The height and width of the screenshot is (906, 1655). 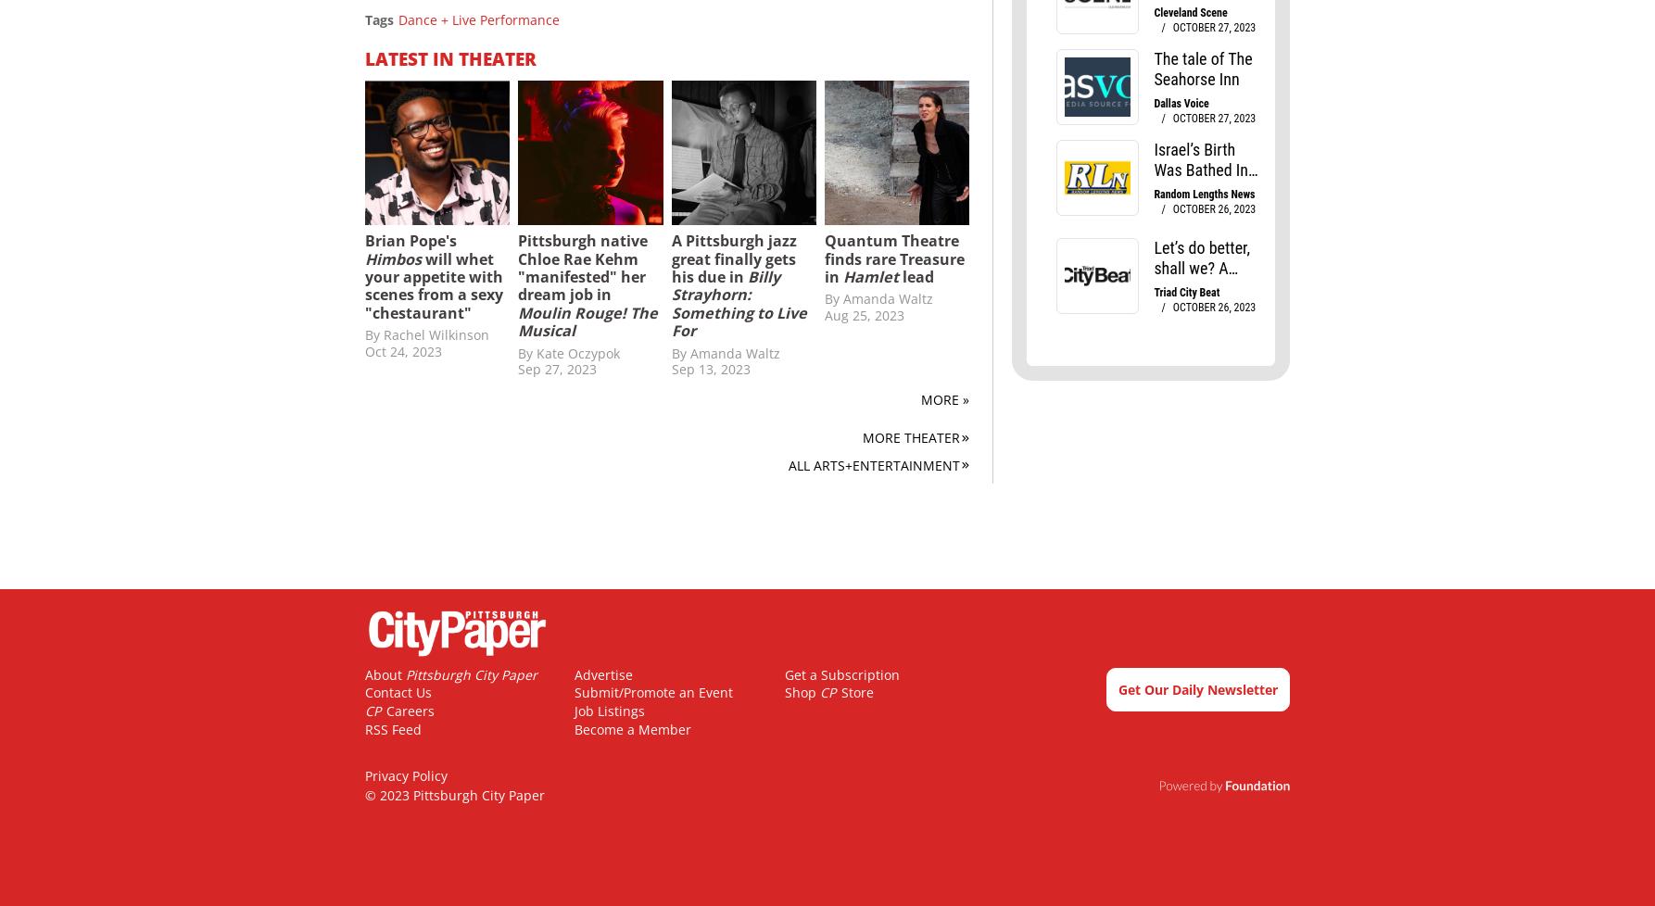 What do you see at coordinates (944, 397) in the screenshot?
I see `'More »'` at bounding box center [944, 397].